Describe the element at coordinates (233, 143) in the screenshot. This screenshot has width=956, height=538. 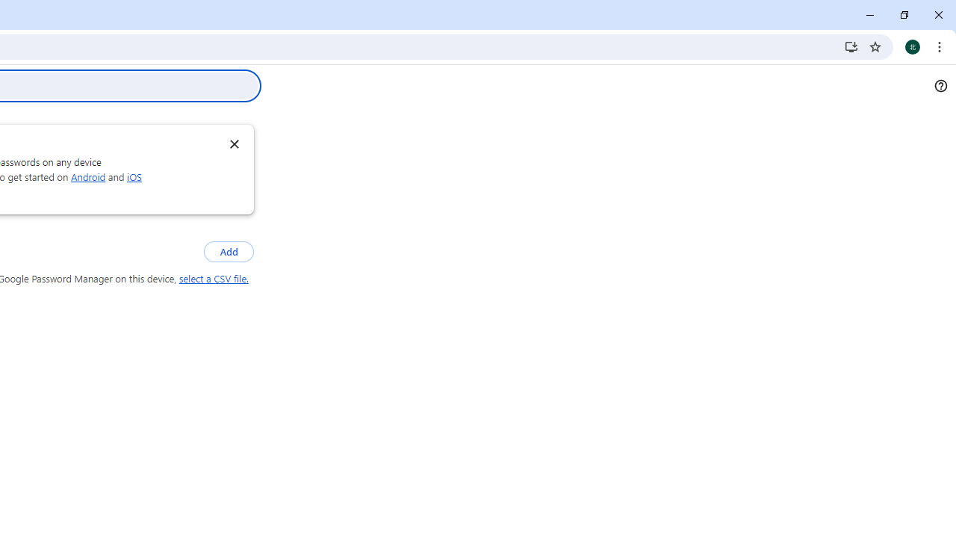
I see `'Dismiss recommendation'` at that location.